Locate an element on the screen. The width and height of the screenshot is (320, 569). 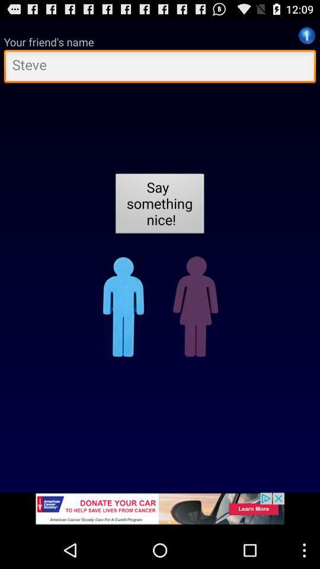
the home icon is located at coordinates (127, 329).